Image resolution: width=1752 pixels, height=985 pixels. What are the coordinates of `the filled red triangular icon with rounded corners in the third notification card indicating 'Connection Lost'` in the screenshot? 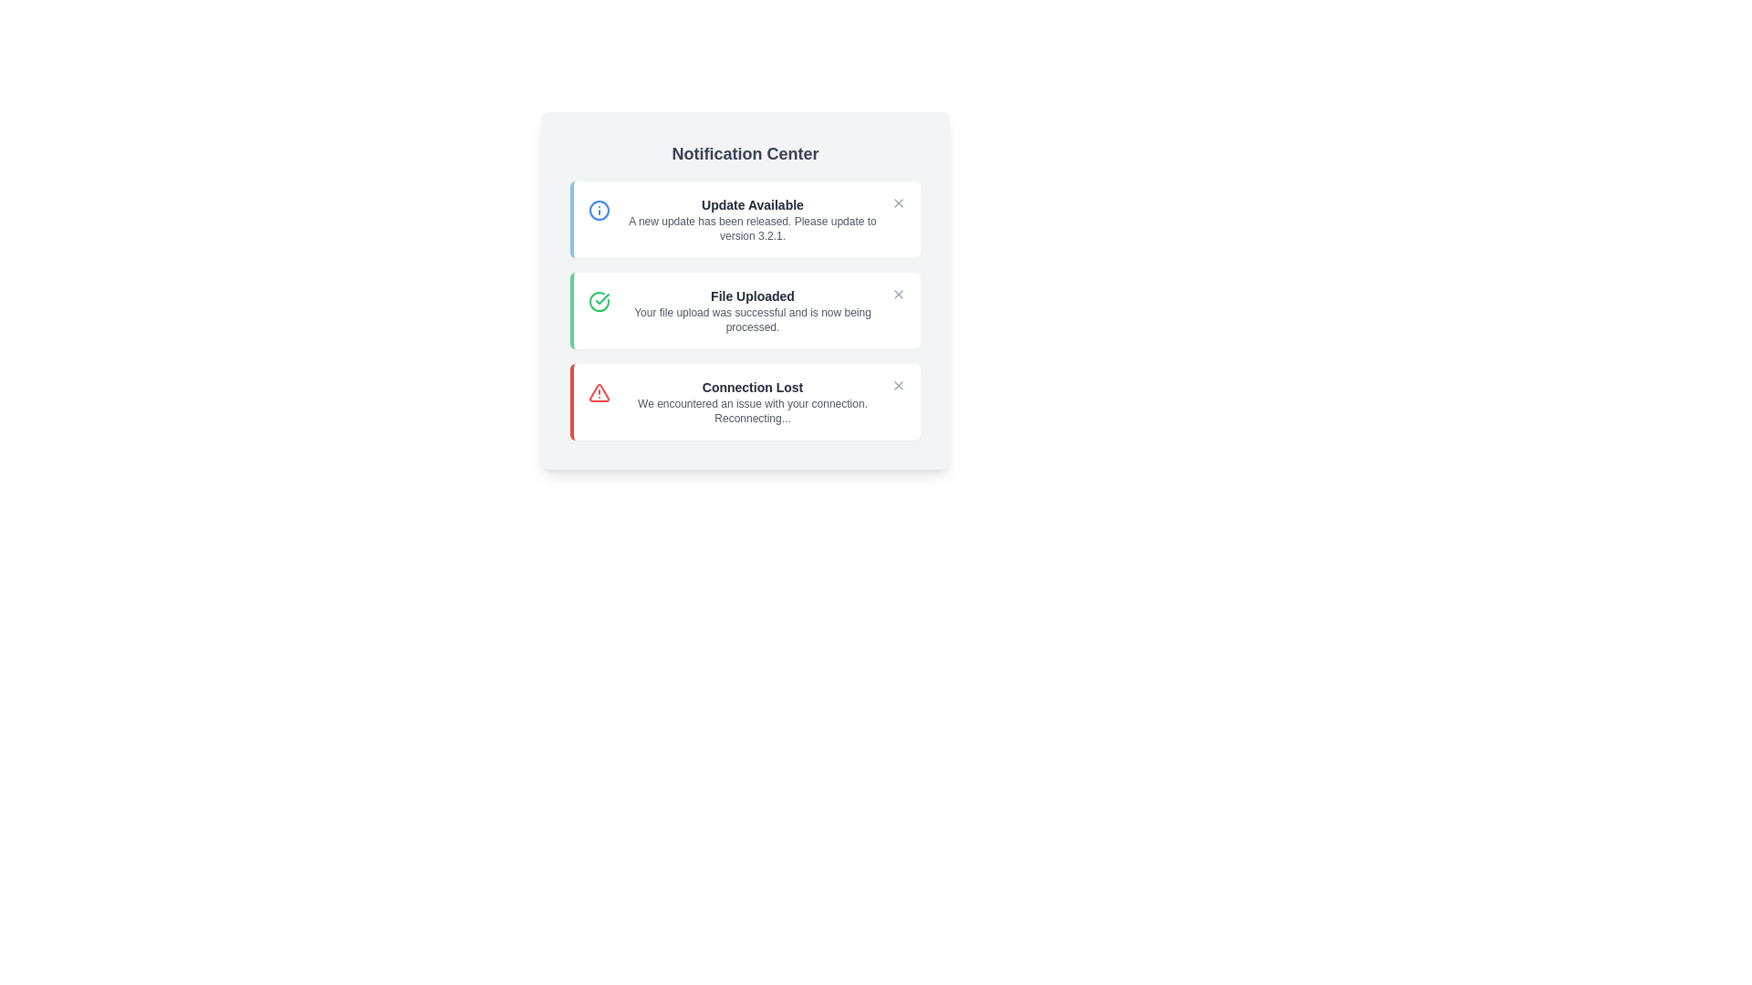 It's located at (600, 392).